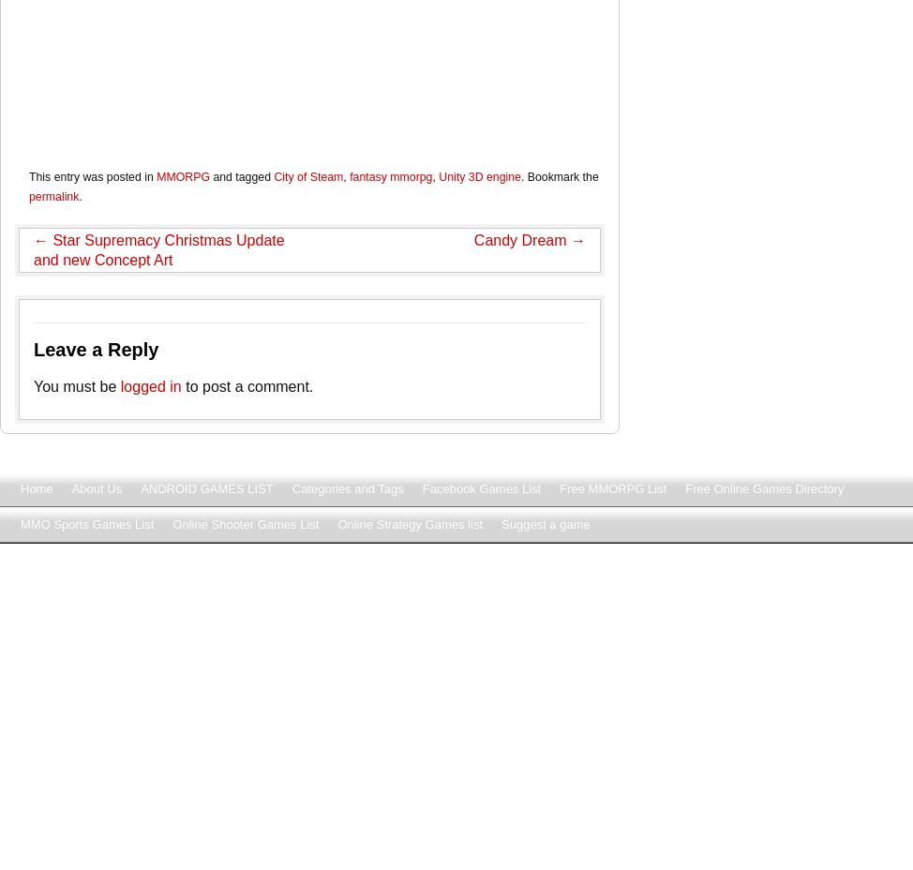 The width and height of the screenshot is (913, 870). What do you see at coordinates (209, 176) in the screenshot?
I see `'and tagged'` at bounding box center [209, 176].